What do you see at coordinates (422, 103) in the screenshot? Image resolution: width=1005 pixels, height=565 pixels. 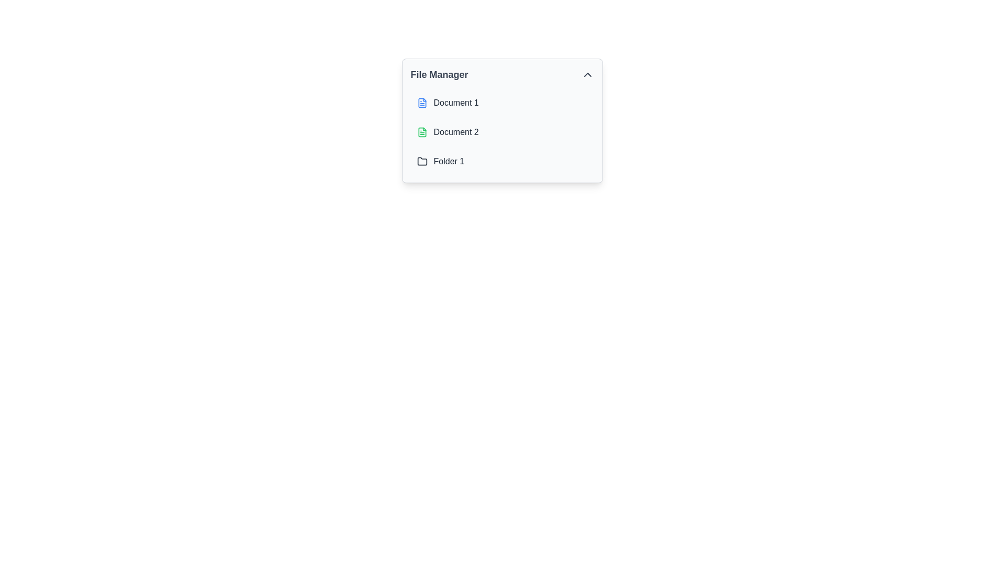 I see `the rectangular icon resembling a file with a folded corner, outlined in blue, located in the 'File Manager' list next to the label 'Document 1'` at bounding box center [422, 103].